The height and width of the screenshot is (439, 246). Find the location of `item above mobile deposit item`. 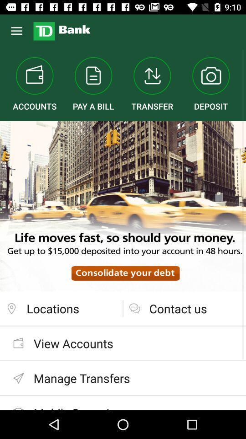

item above mobile deposit item is located at coordinates (123, 378).